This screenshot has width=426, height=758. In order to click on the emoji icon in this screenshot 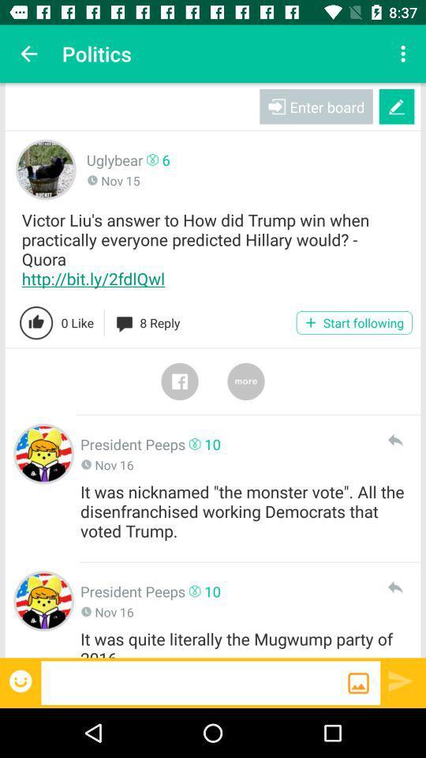, I will do `click(21, 680)`.